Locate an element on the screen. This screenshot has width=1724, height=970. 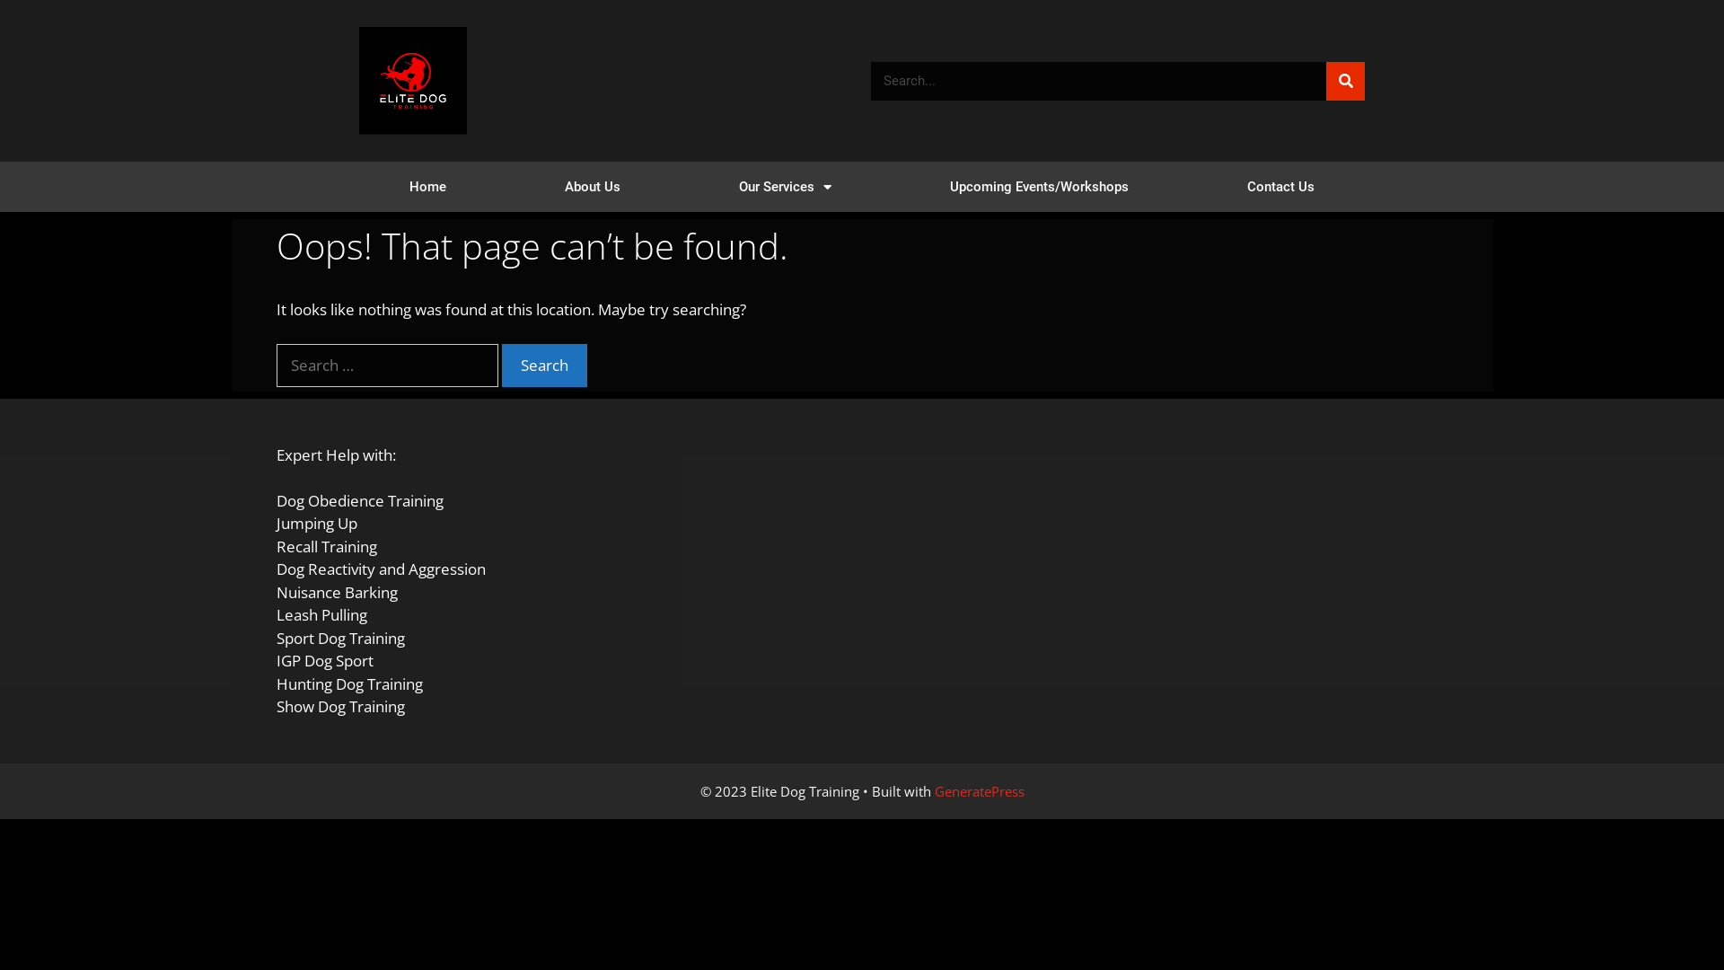
'Contact Us' is located at coordinates (1188, 187).